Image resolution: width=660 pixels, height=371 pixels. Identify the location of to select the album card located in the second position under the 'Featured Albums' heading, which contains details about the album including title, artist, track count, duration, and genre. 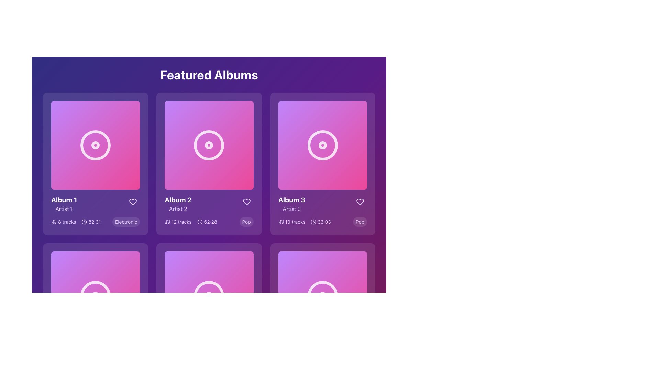
(209, 164).